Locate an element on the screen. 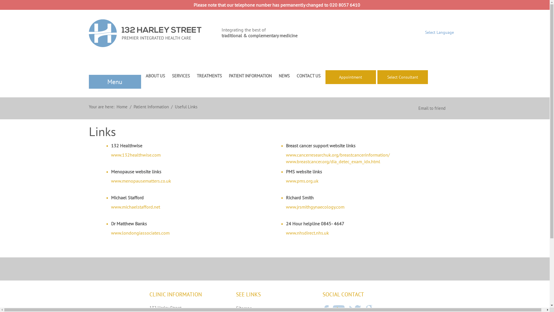  'TREATMENTS' is located at coordinates (209, 75).